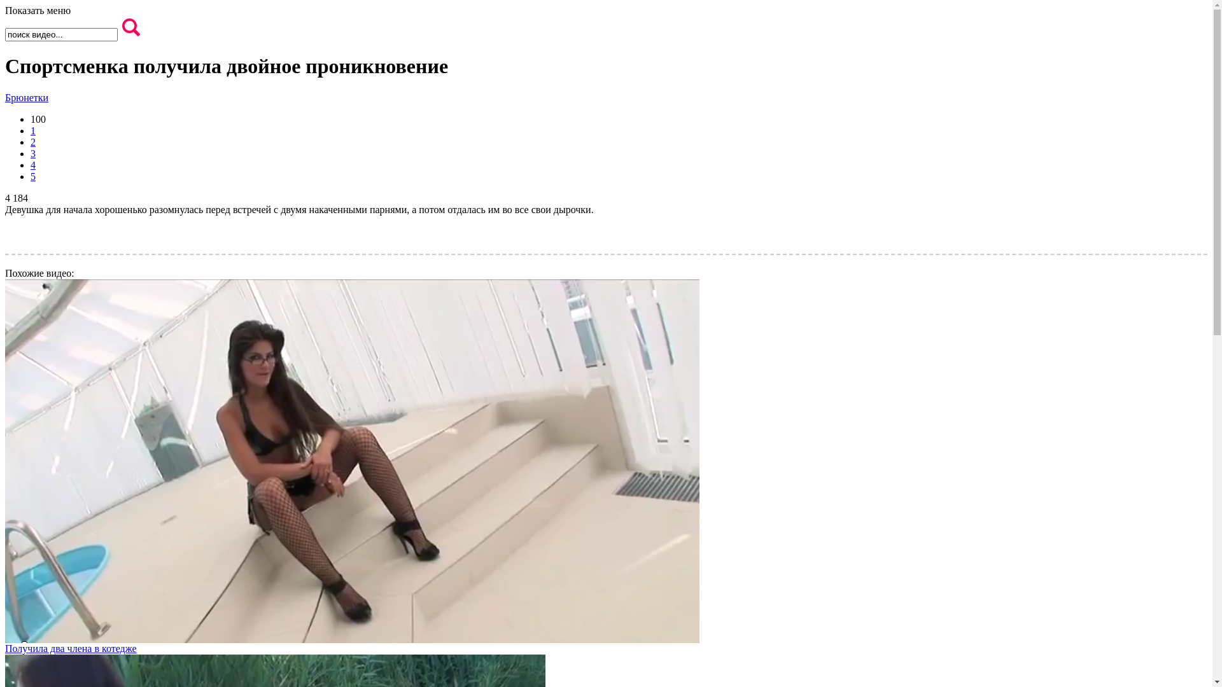  Describe the element at coordinates (33, 142) in the screenshot. I see `'2'` at that location.